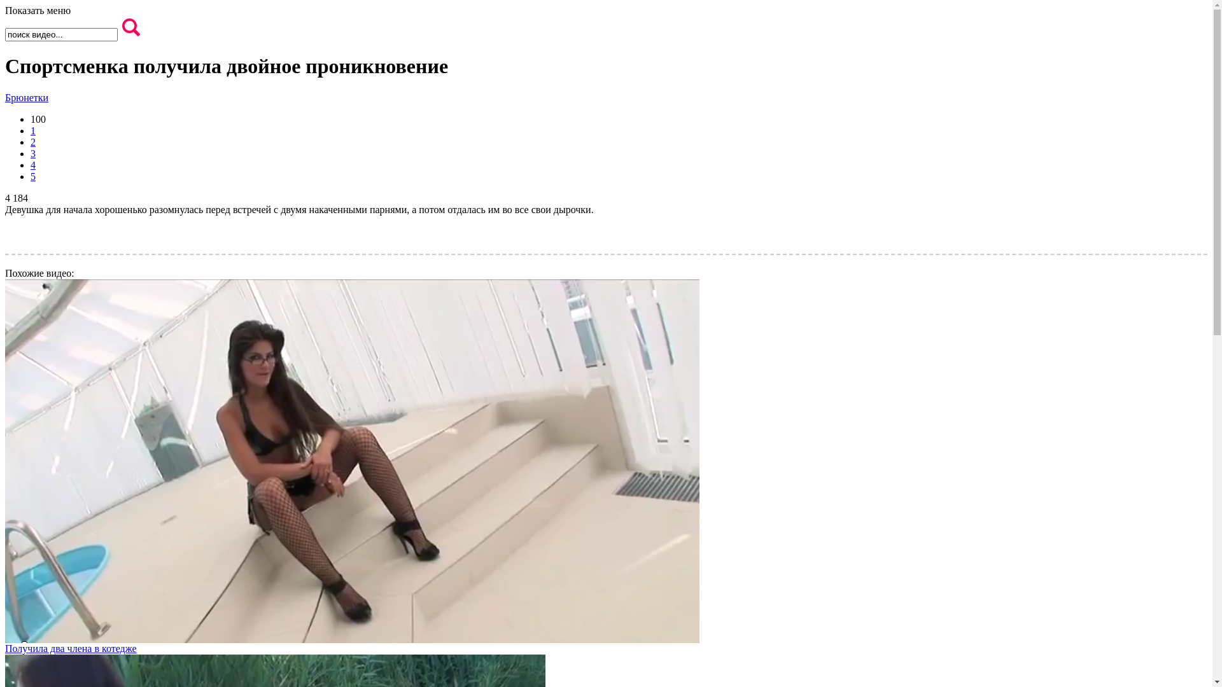  Describe the element at coordinates (33, 142) in the screenshot. I see `'2'` at that location.